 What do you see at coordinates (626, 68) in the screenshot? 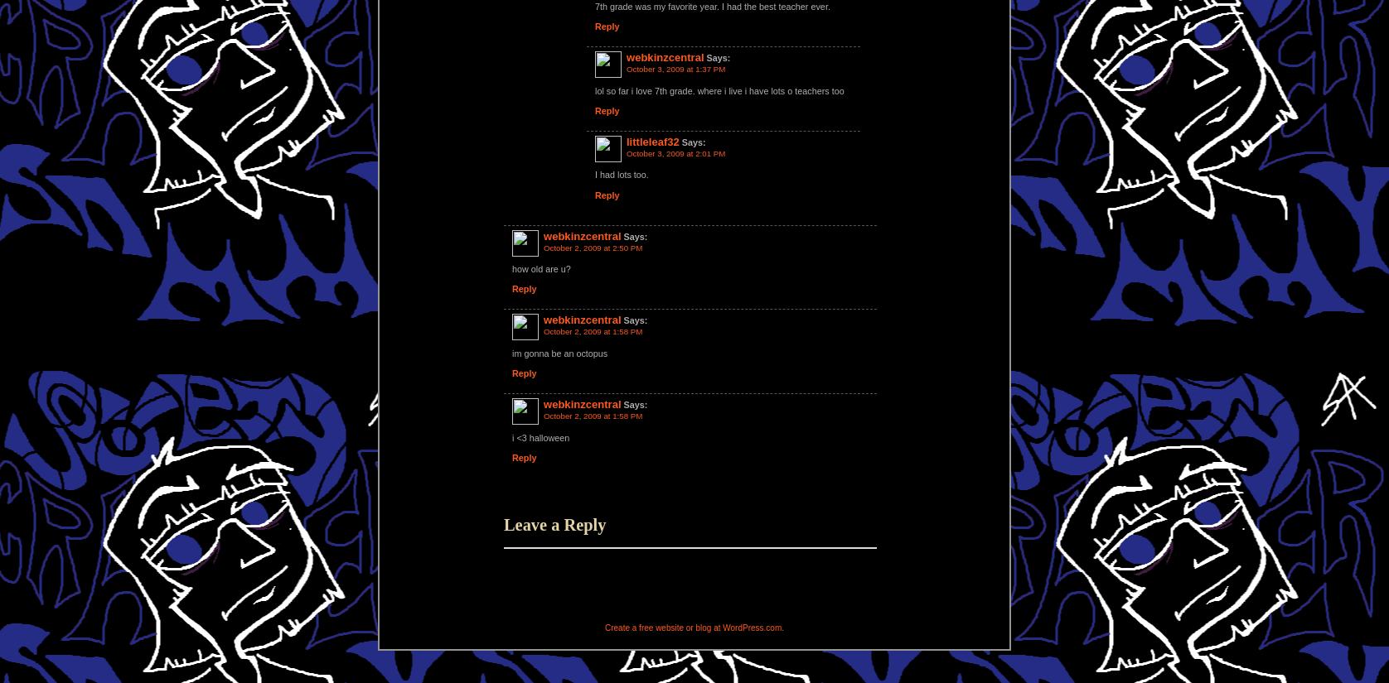
I see `'October 3, 2009 at 1:37 PM'` at bounding box center [626, 68].